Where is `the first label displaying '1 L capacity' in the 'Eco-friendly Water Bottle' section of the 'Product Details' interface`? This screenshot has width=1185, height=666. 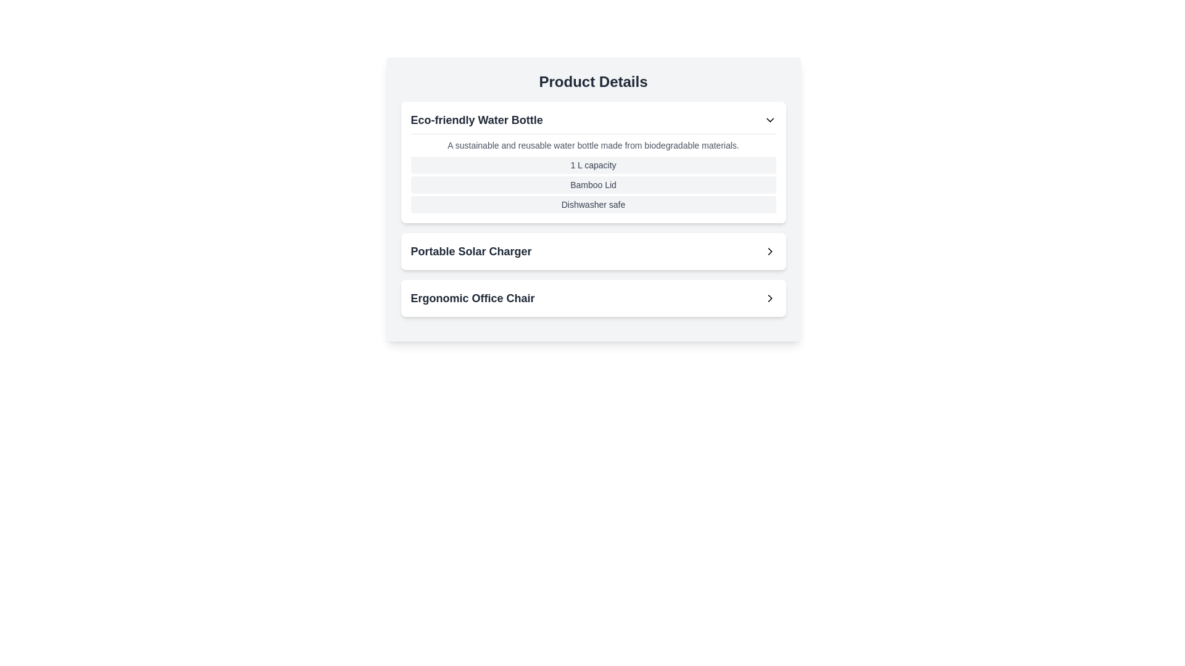
the first label displaying '1 L capacity' in the 'Eco-friendly Water Bottle' section of the 'Product Details' interface is located at coordinates (593, 164).